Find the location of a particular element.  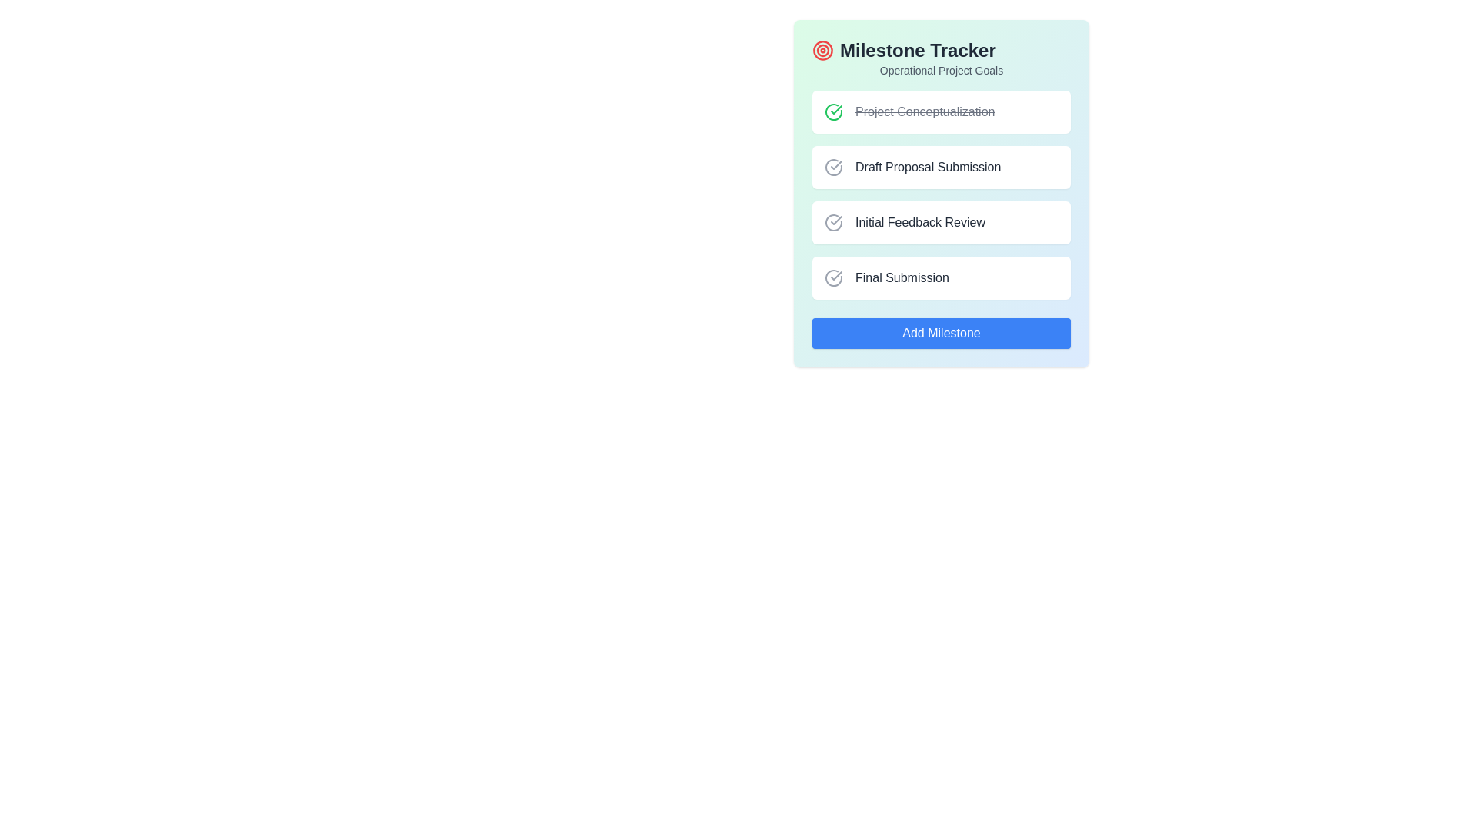

the visual state of the small checkmark icon located within a circular icon on the left side of the text 'Project Conceptualization' to understand the status of the milestone progress indicators is located at coordinates (835, 274).